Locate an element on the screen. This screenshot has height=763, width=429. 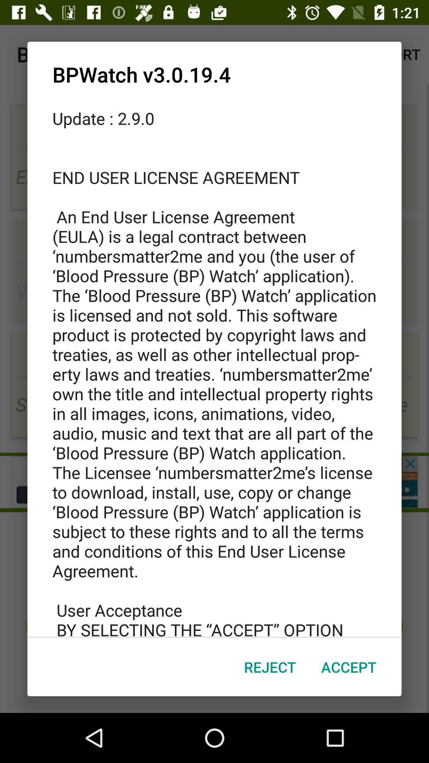
the item to the right of reject item is located at coordinates (348, 667).